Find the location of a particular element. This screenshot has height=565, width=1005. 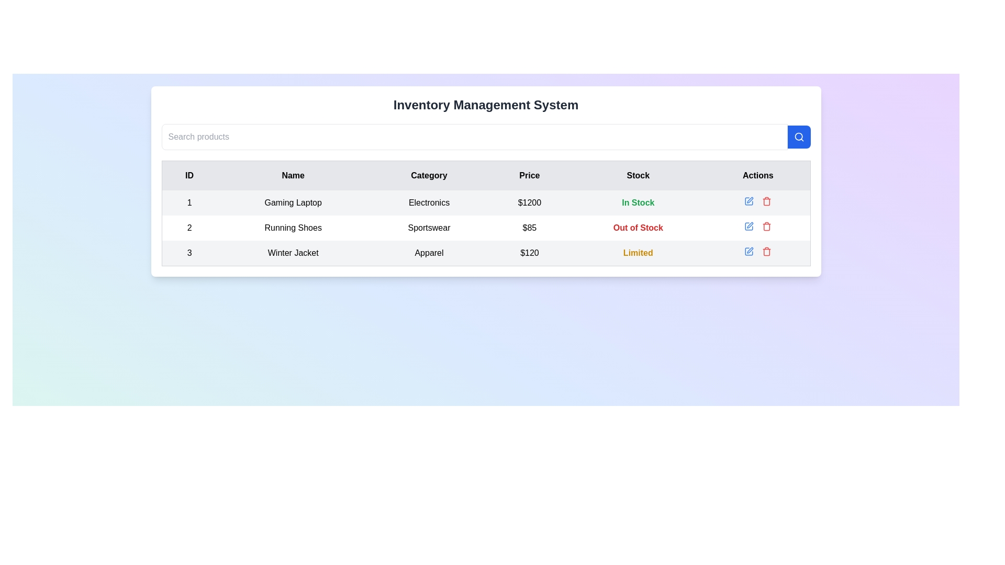

the interactive button in the 'Actions' column of the second row in the table to initiate the edit function is located at coordinates (748, 225).